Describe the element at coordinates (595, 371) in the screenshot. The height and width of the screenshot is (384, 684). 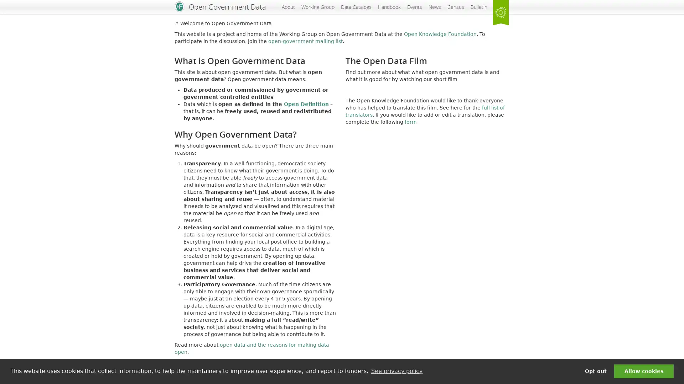
I see `deny cookies` at that location.